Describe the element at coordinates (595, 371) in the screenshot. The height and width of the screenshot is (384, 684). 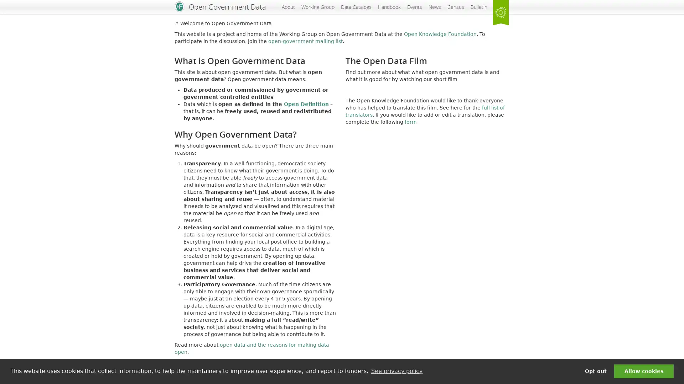
I see `deny cookies` at that location.